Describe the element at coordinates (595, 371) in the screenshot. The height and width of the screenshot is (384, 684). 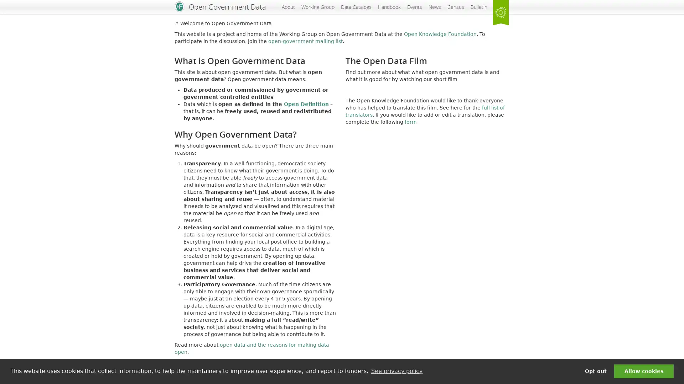
I see `deny cookies` at that location.